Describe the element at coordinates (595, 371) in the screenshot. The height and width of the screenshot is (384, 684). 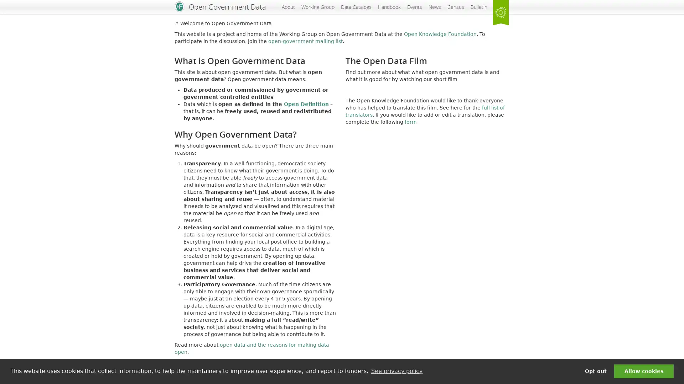
I see `deny cookies` at that location.